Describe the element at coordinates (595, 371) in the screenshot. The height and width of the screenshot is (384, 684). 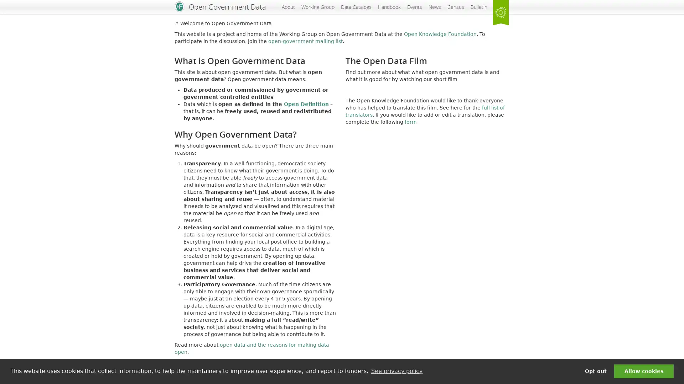
I see `deny cookies` at that location.